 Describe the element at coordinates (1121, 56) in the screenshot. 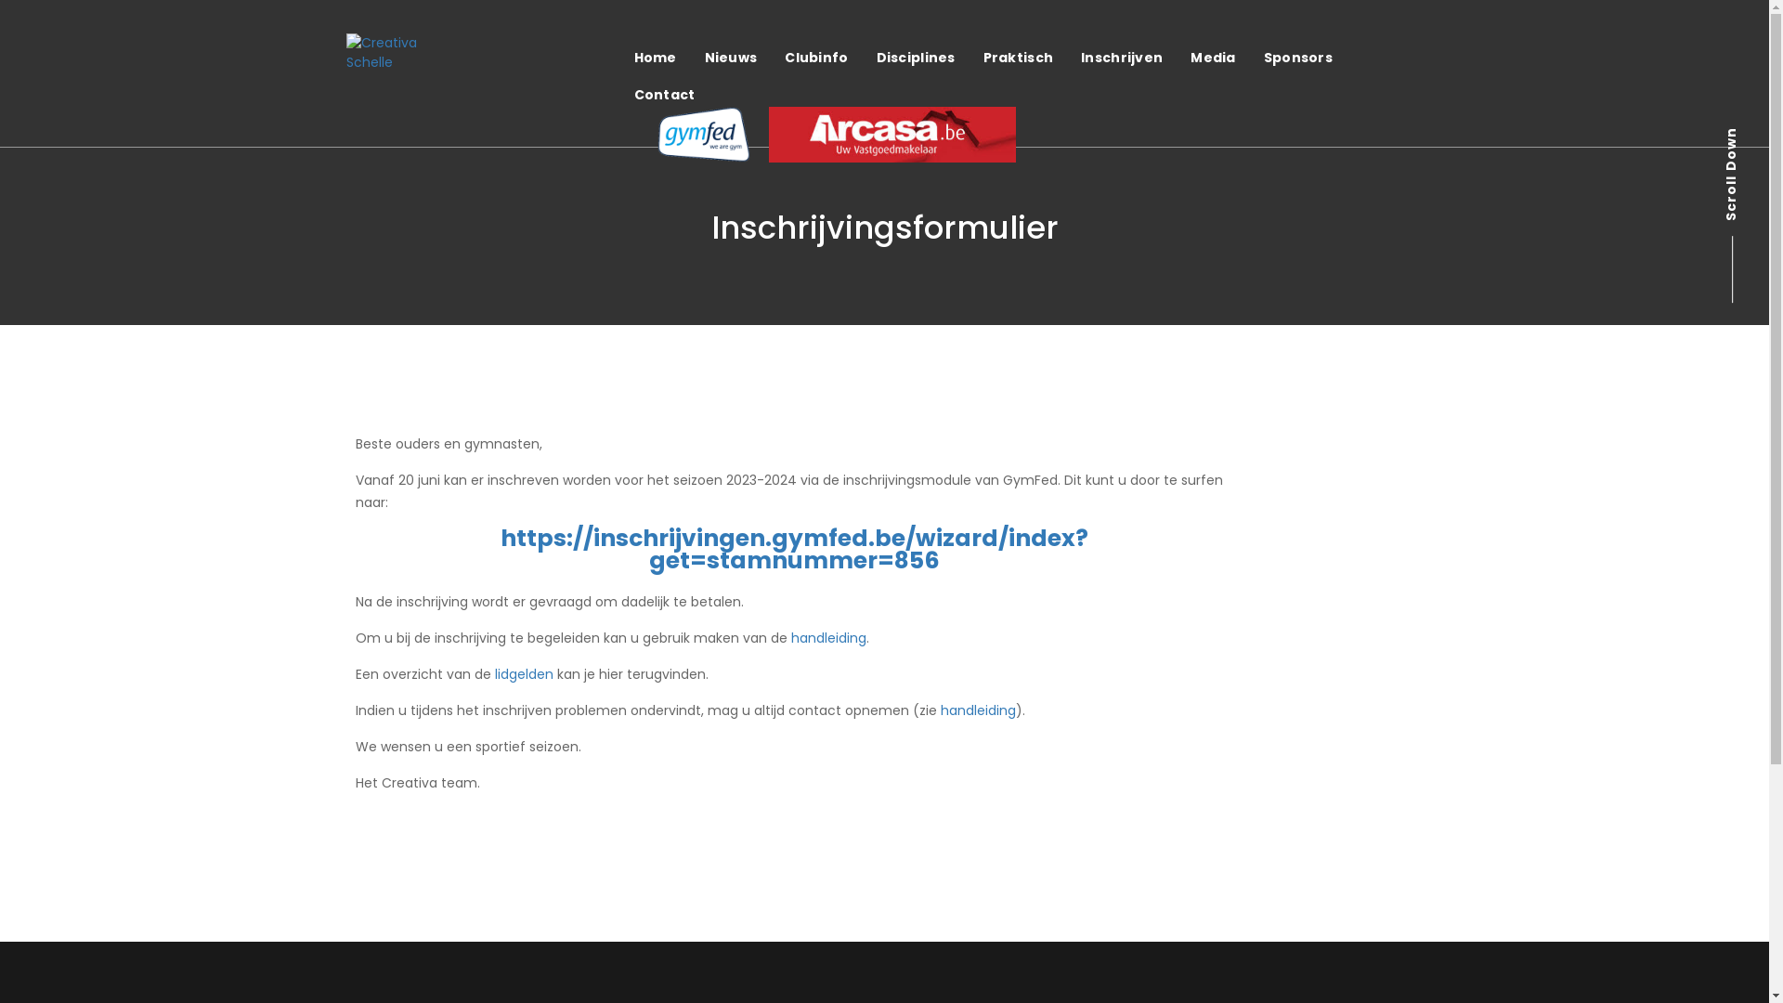

I see `'Inschrijven'` at that location.